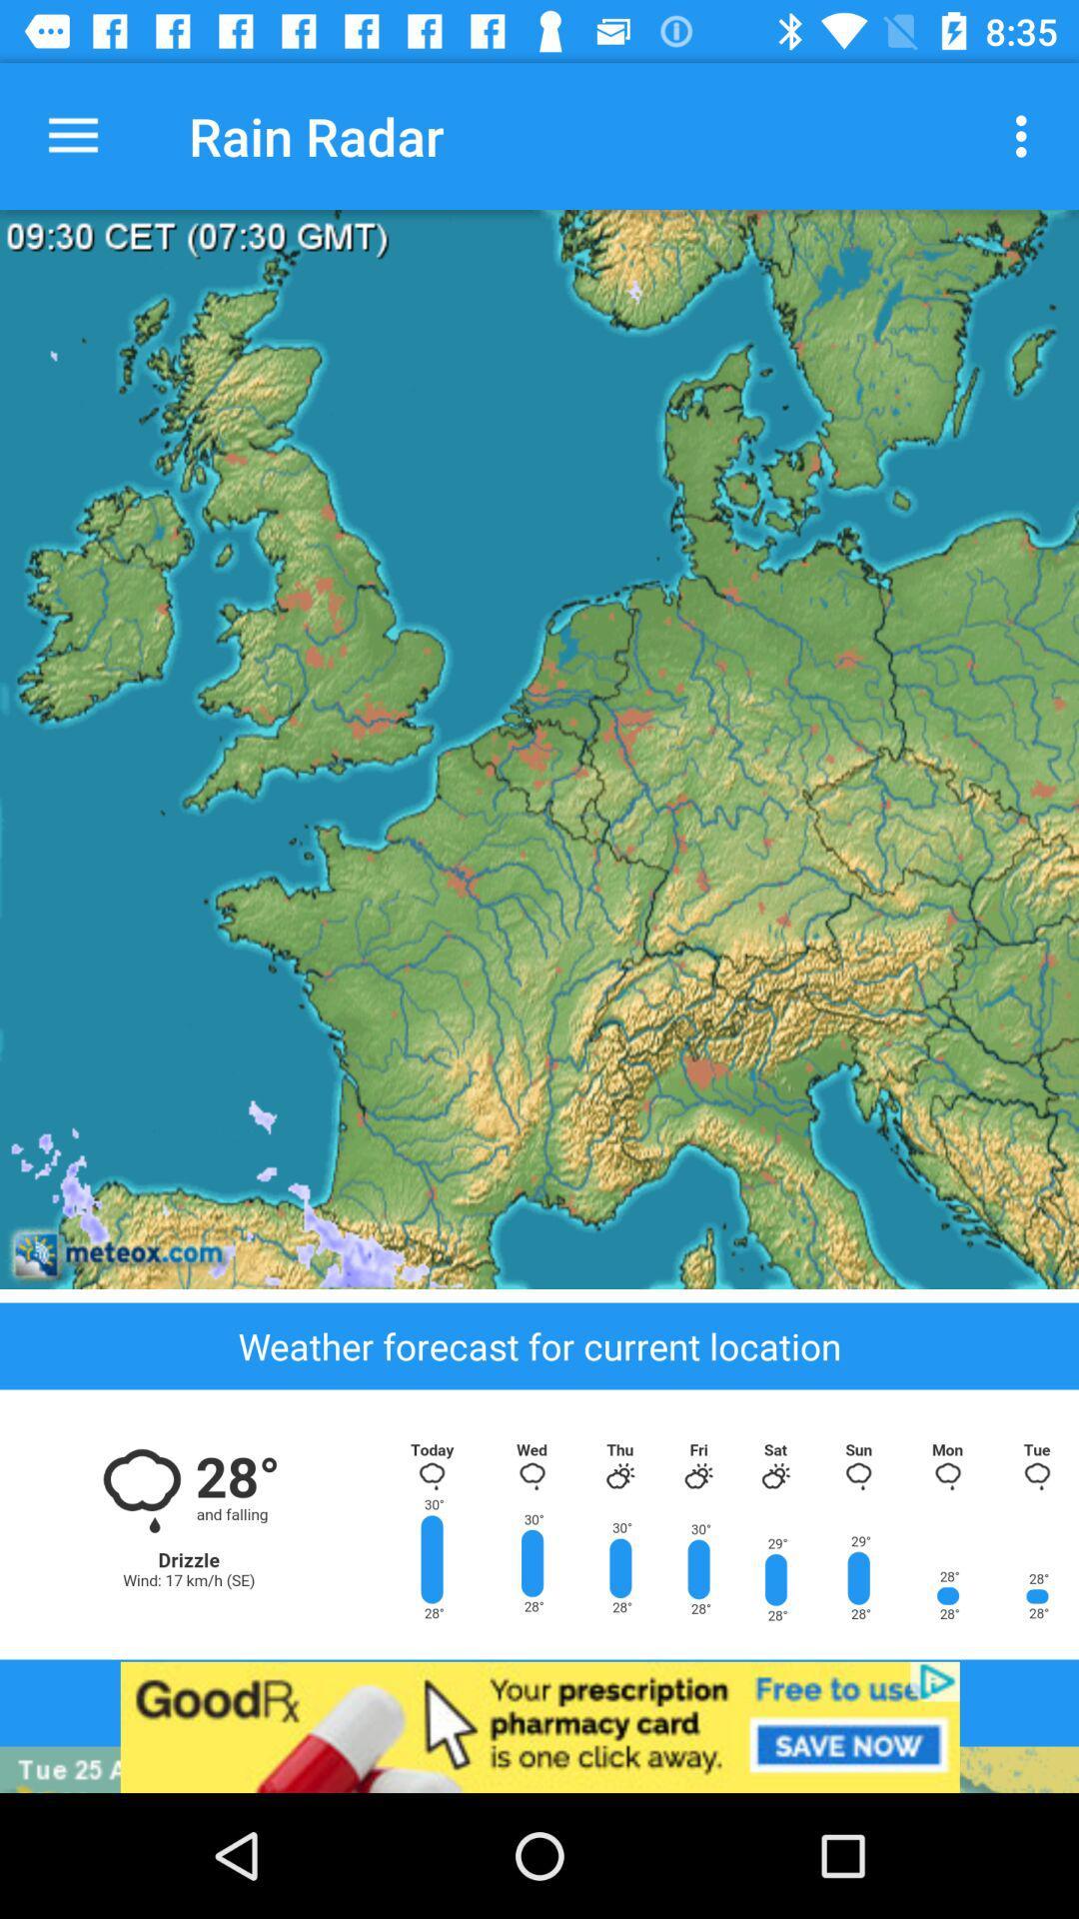 This screenshot has width=1079, height=1919. I want to click on view advertisements options, so click(539, 1726).